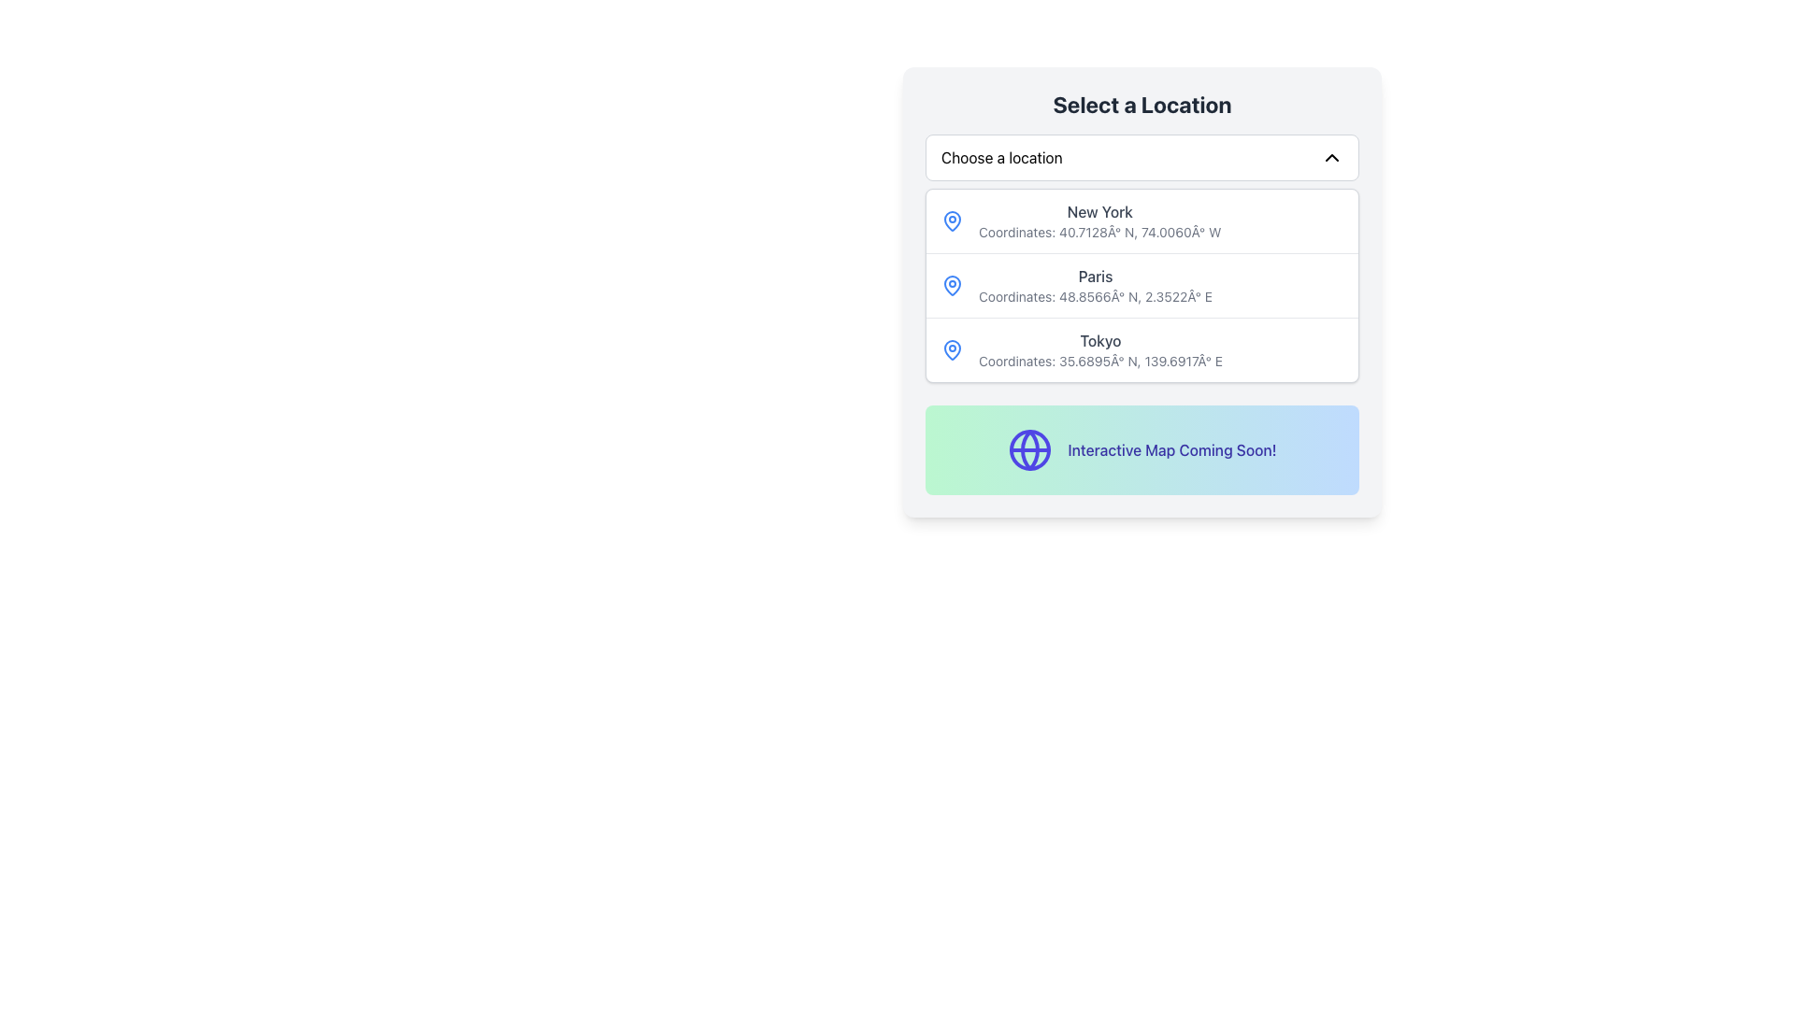  I want to click on the dropdown menu located below the 'Select a Location' title, so click(1142, 157).